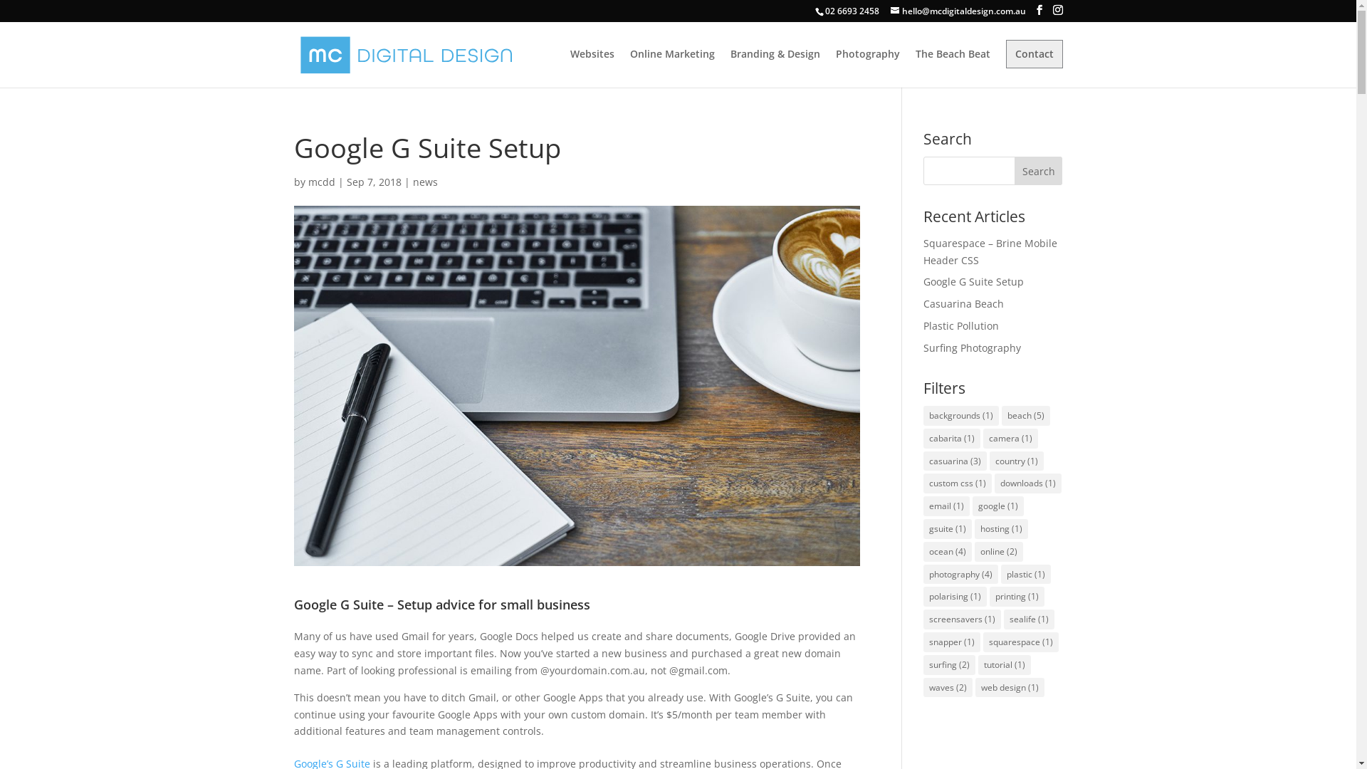 The width and height of the screenshot is (1367, 769). Describe the element at coordinates (923, 281) in the screenshot. I see `'Google G Suite Setup'` at that location.